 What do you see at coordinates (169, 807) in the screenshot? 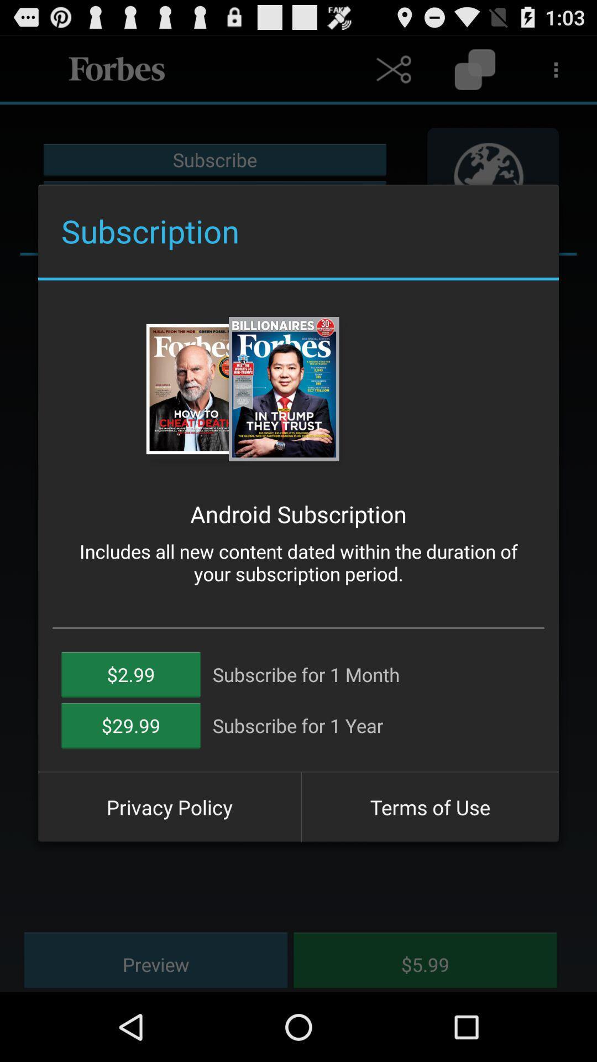
I see `the item below the $29.99 icon` at bounding box center [169, 807].